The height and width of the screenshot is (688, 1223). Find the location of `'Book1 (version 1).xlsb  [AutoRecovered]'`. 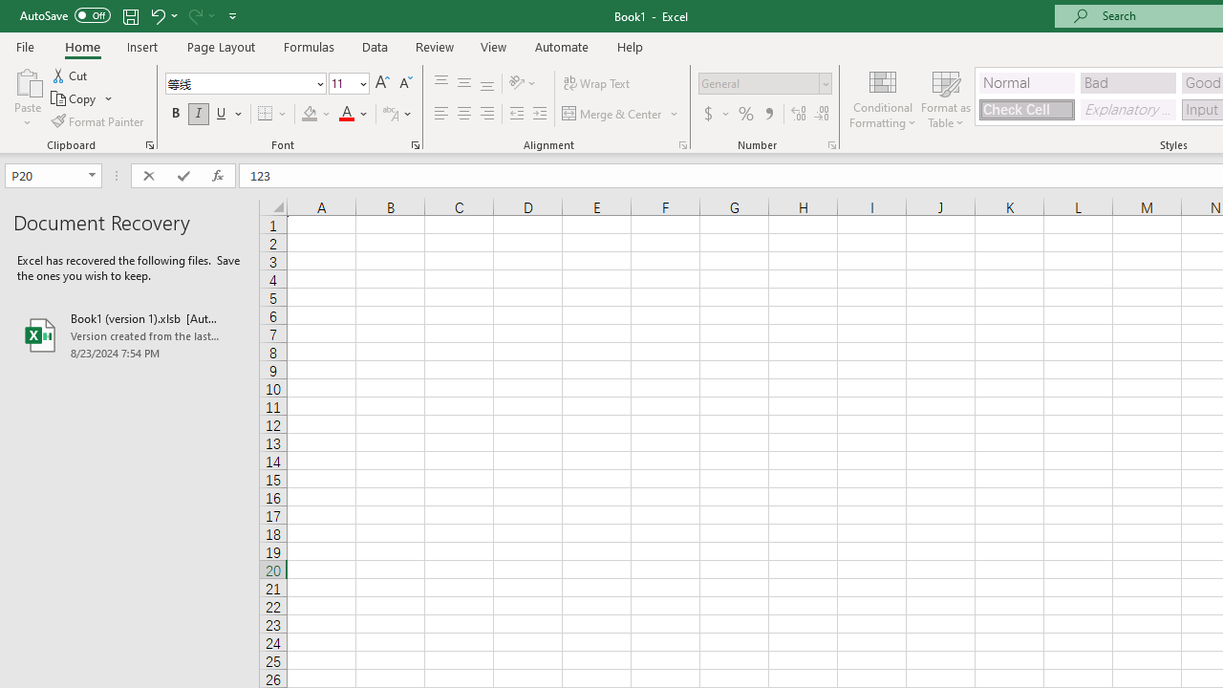

'Book1 (version 1).xlsb  [AutoRecovered]' is located at coordinates (129, 334).